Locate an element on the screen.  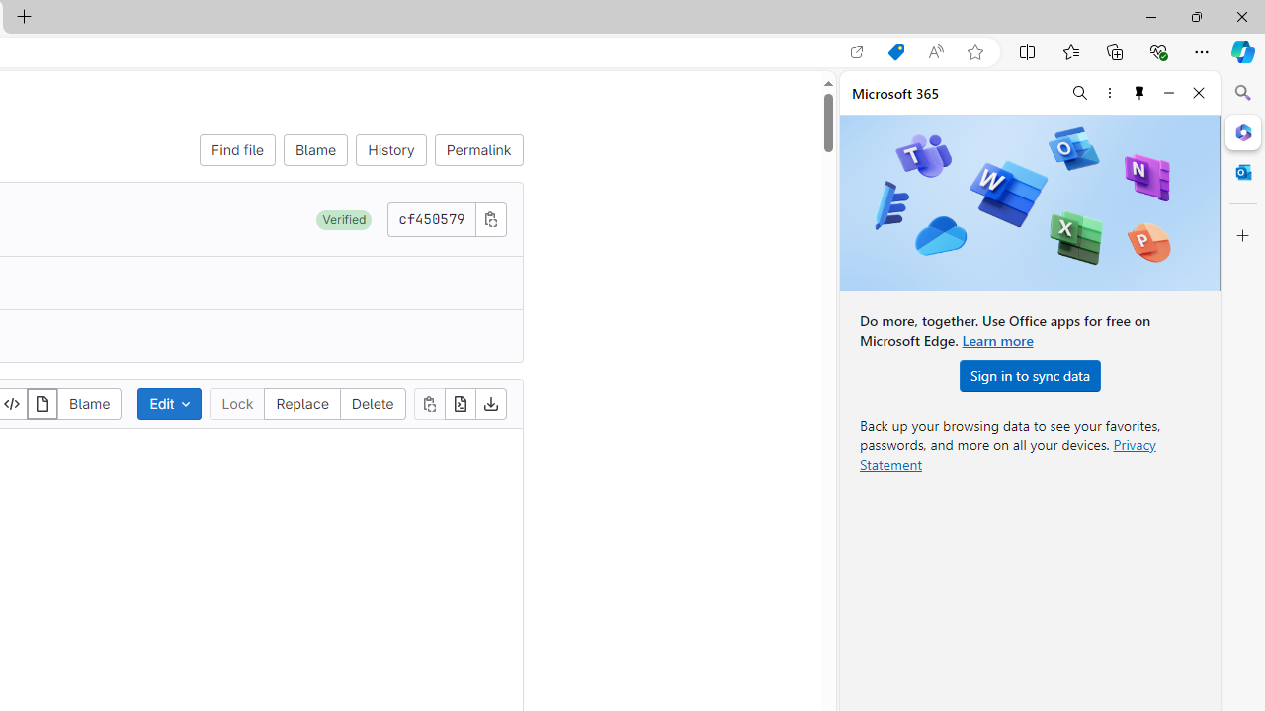
'Edit' is located at coordinates (170, 402).